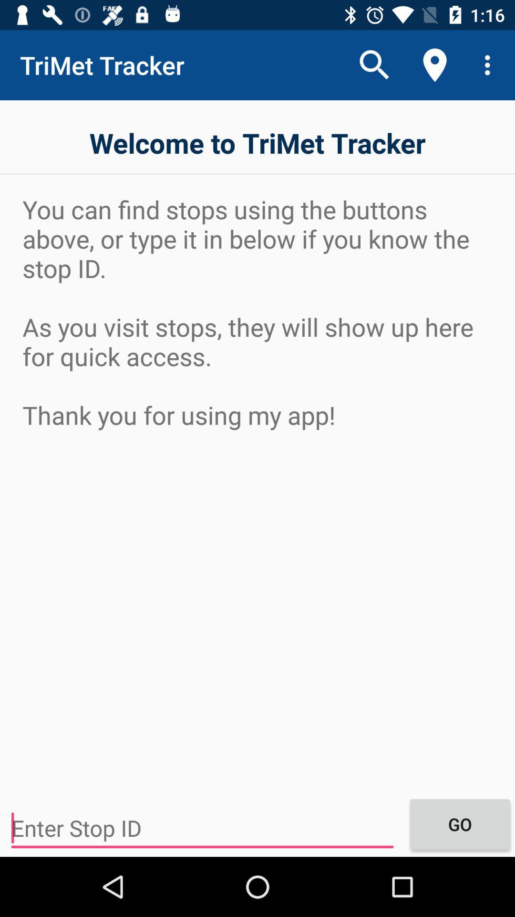  What do you see at coordinates (202, 828) in the screenshot?
I see `icon below you can find` at bounding box center [202, 828].